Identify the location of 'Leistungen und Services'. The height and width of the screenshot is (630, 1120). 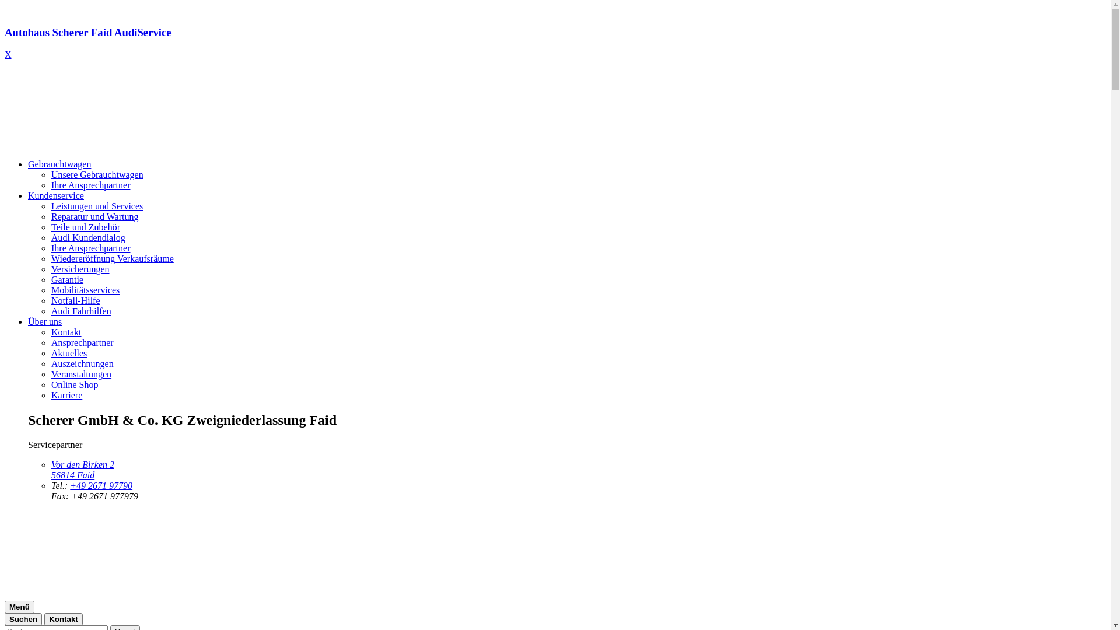
(97, 205).